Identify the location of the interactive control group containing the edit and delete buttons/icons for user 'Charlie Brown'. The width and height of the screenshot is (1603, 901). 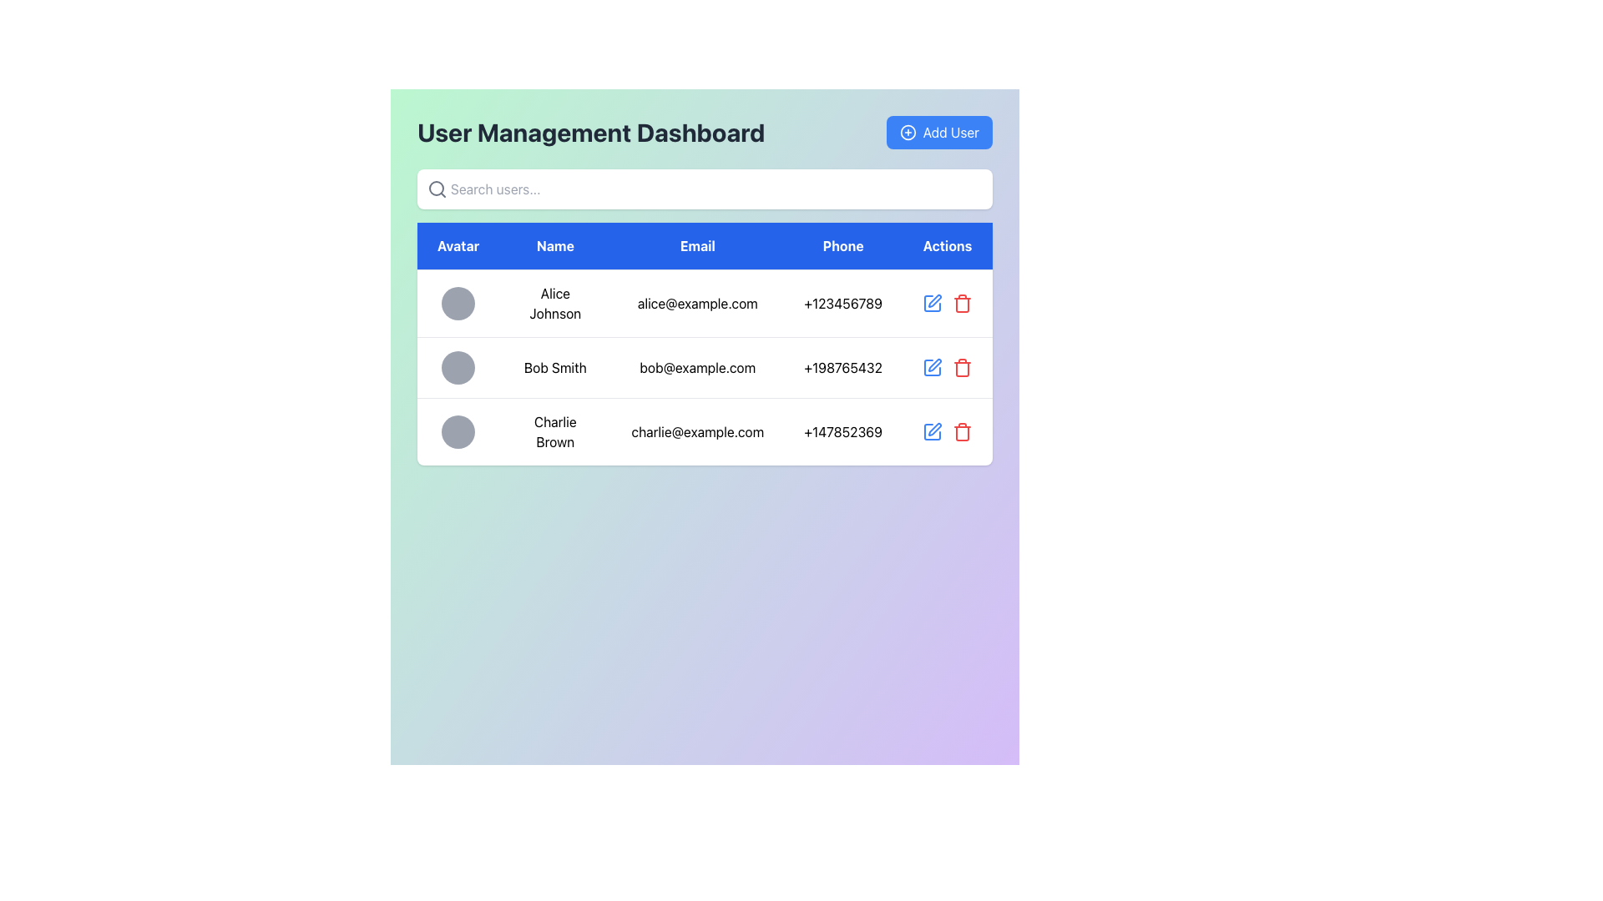
(947, 430).